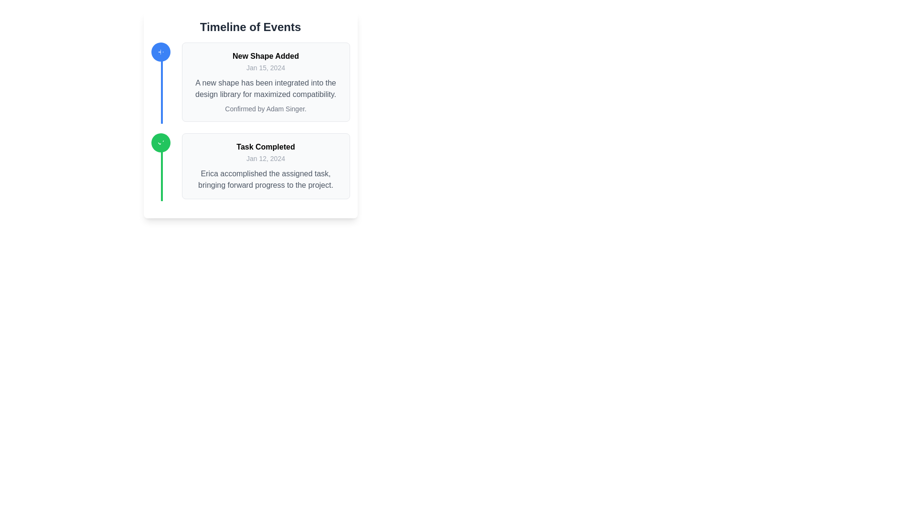 Image resolution: width=917 pixels, height=516 pixels. Describe the element at coordinates (266, 158) in the screenshot. I see `the text label displaying 'Jan 12, 2024' within the card-like structure under the heading 'Task Completed'` at that location.